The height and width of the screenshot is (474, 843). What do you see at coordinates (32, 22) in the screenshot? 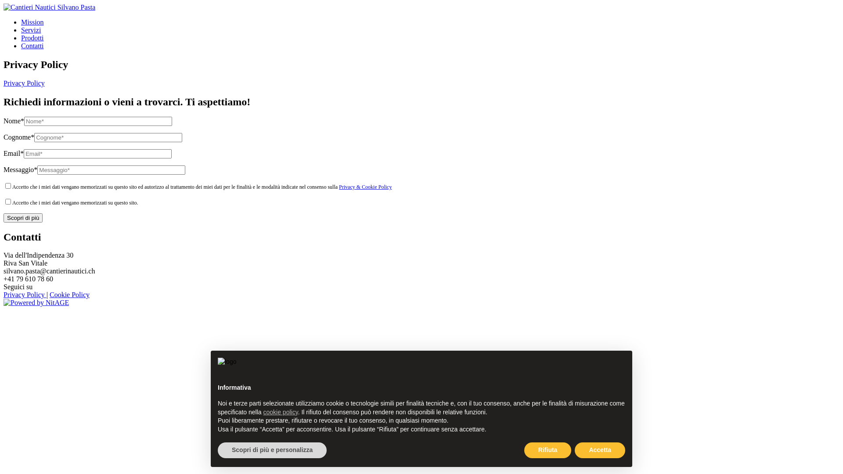
I see `'Mission'` at bounding box center [32, 22].